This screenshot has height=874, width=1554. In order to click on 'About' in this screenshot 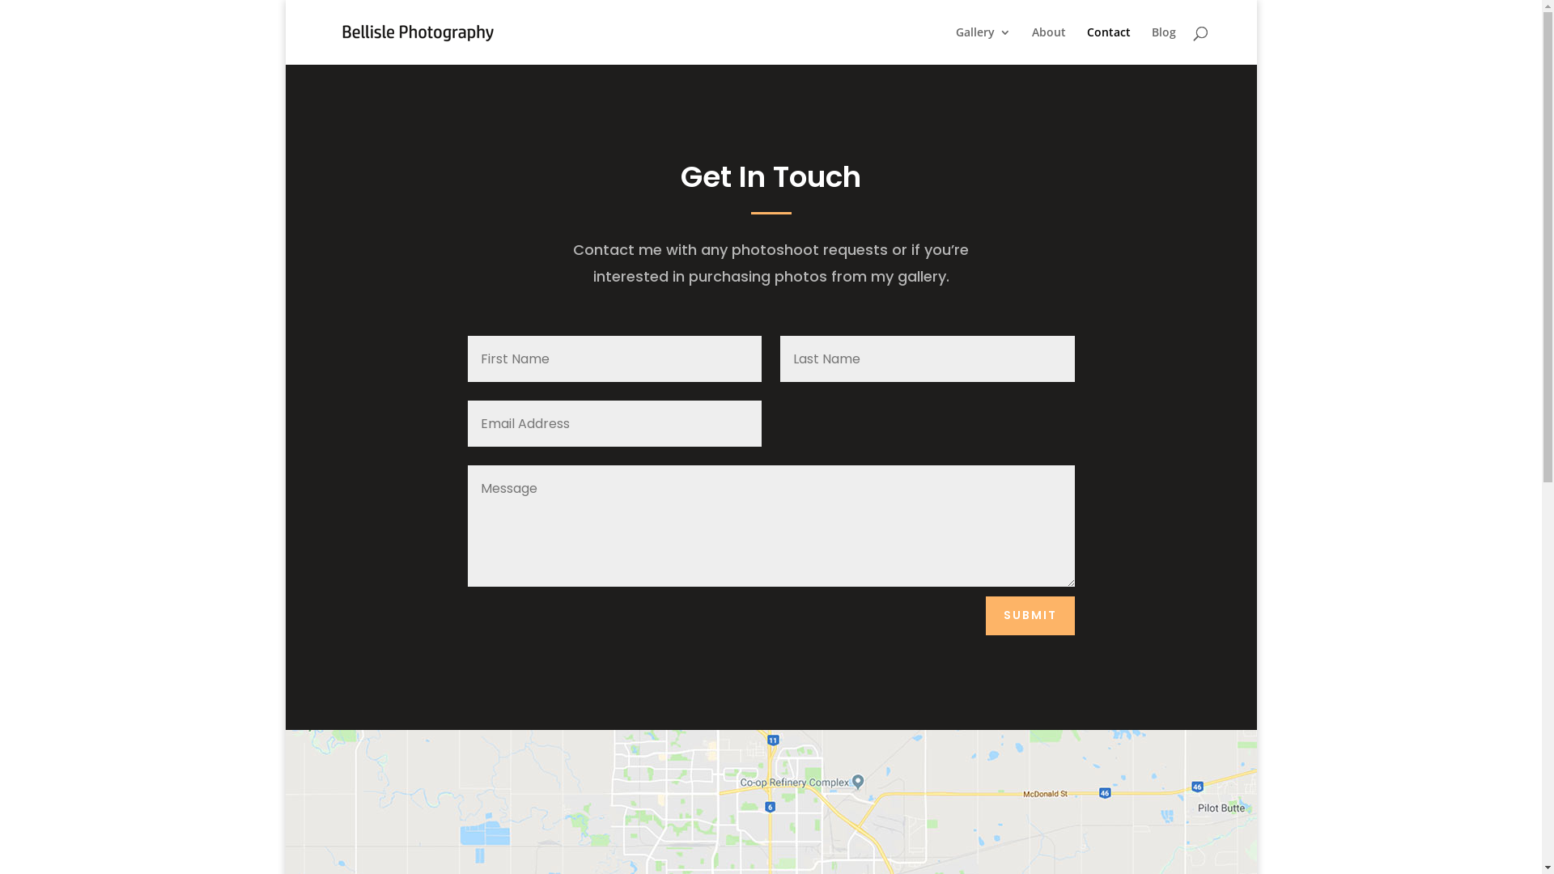, I will do `click(1048, 45)`.